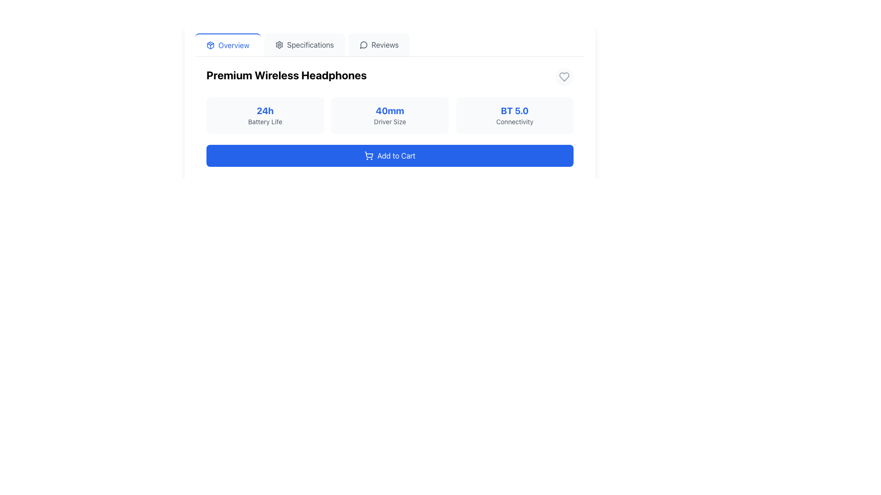  I want to click on the 'Specifications' text label in the navigation bar, so click(310, 44).